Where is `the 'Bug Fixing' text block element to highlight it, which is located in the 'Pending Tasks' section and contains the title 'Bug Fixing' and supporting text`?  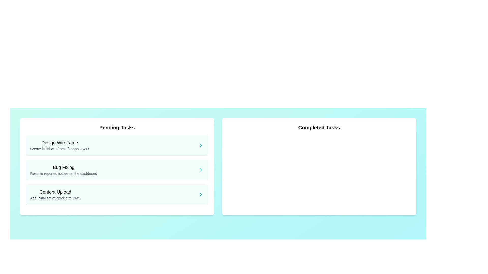 the 'Bug Fixing' text block element to highlight it, which is located in the 'Pending Tasks' section and contains the title 'Bug Fixing' and supporting text is located at coordinates (63, 170).